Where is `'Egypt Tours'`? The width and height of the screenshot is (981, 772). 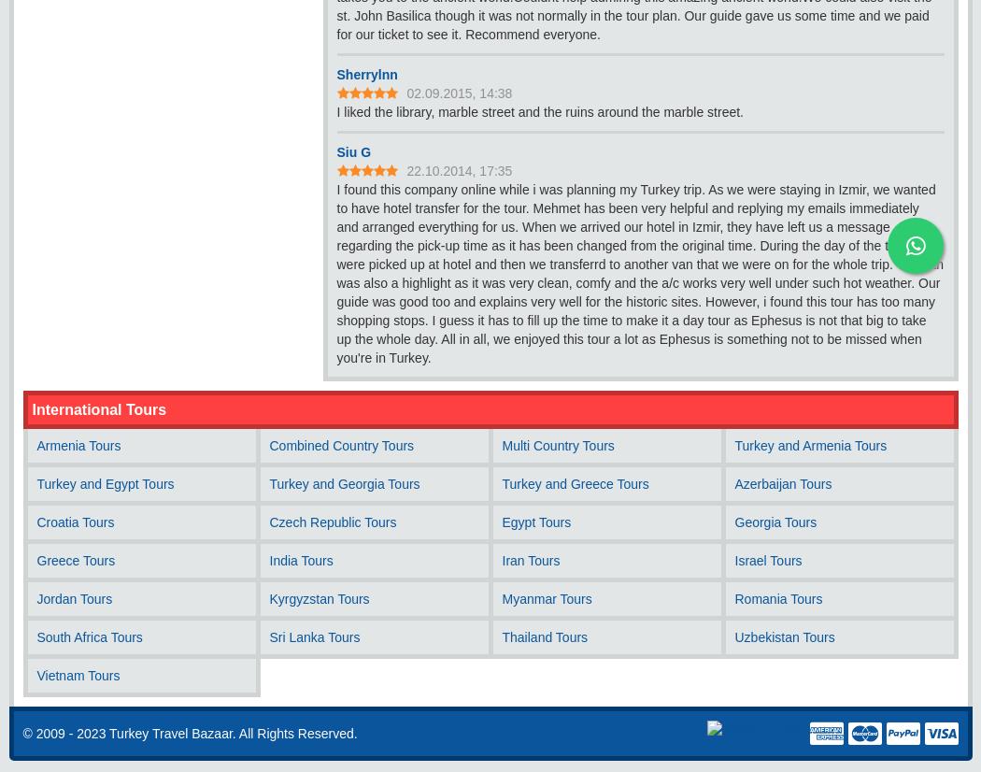 'Egypt Tours' is located at coordinates (535, 522).